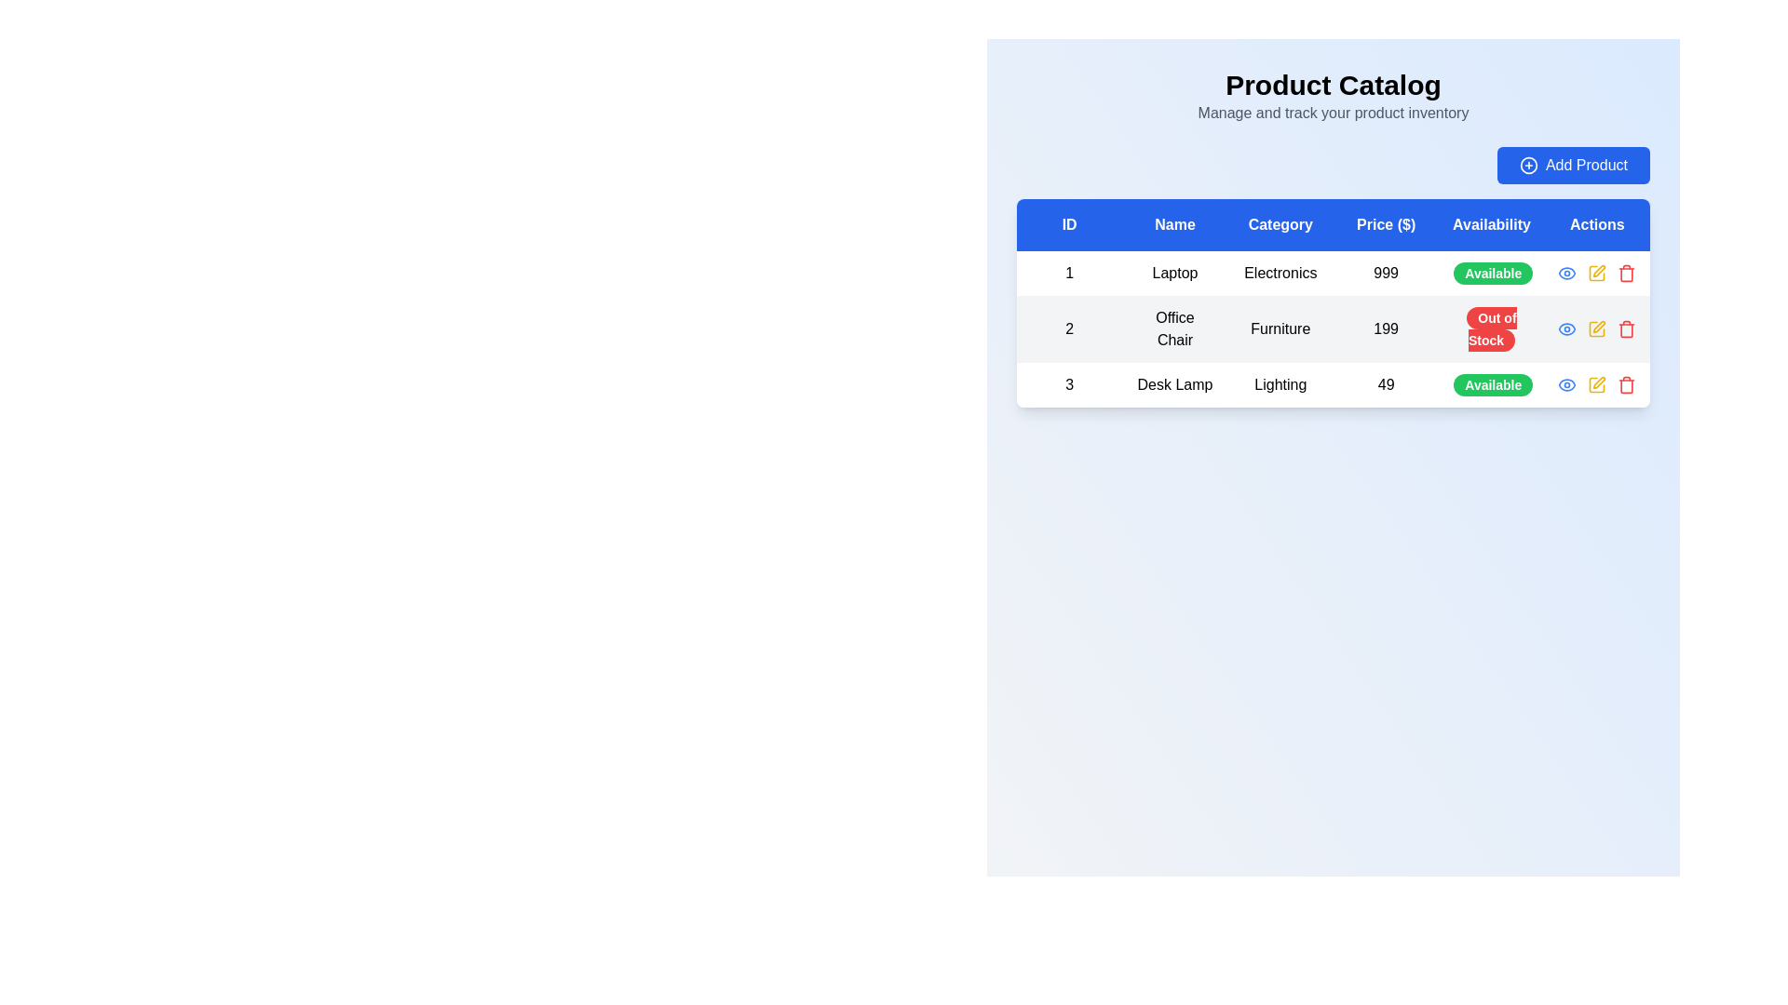 The height and width of the screenshot is (1005, 1788). Describe the element at coordinates (1332, 97) in the screenshot. I see `the Text Heading and Subtext Block which serves as the title and description for the section above the table layout and next to the 'Add Product' blue button` at that location.